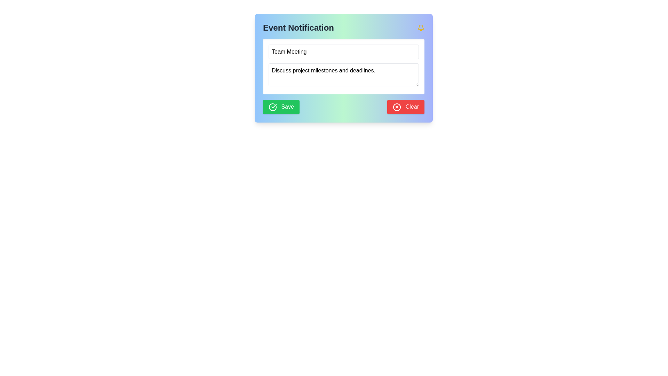 This screenshot has width=668, height=376. Describe the element at coordinates (397, 107) in the screenshot. I see `the icon within the 'Clear' button, which indicates the functionality to clear or reset the form, located to the left of the 'Clear' text` at that location.